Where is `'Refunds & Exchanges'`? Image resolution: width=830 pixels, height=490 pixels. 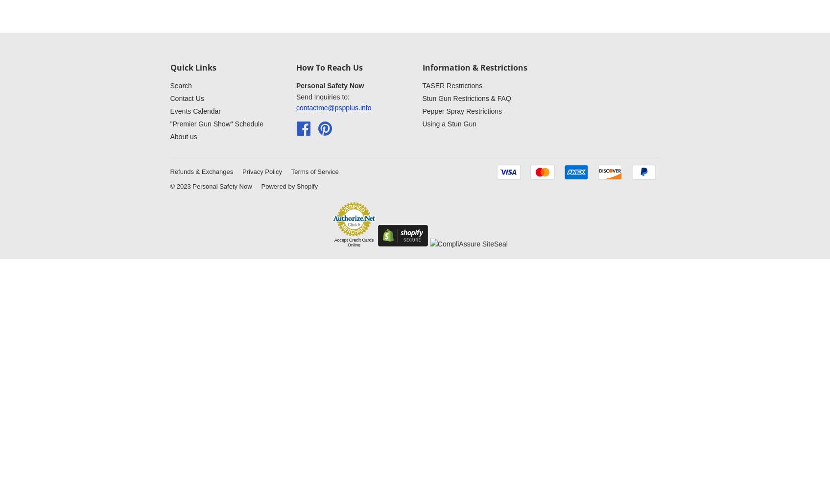 'Refunds & Exchanges' is located at coordinates (201, 171).